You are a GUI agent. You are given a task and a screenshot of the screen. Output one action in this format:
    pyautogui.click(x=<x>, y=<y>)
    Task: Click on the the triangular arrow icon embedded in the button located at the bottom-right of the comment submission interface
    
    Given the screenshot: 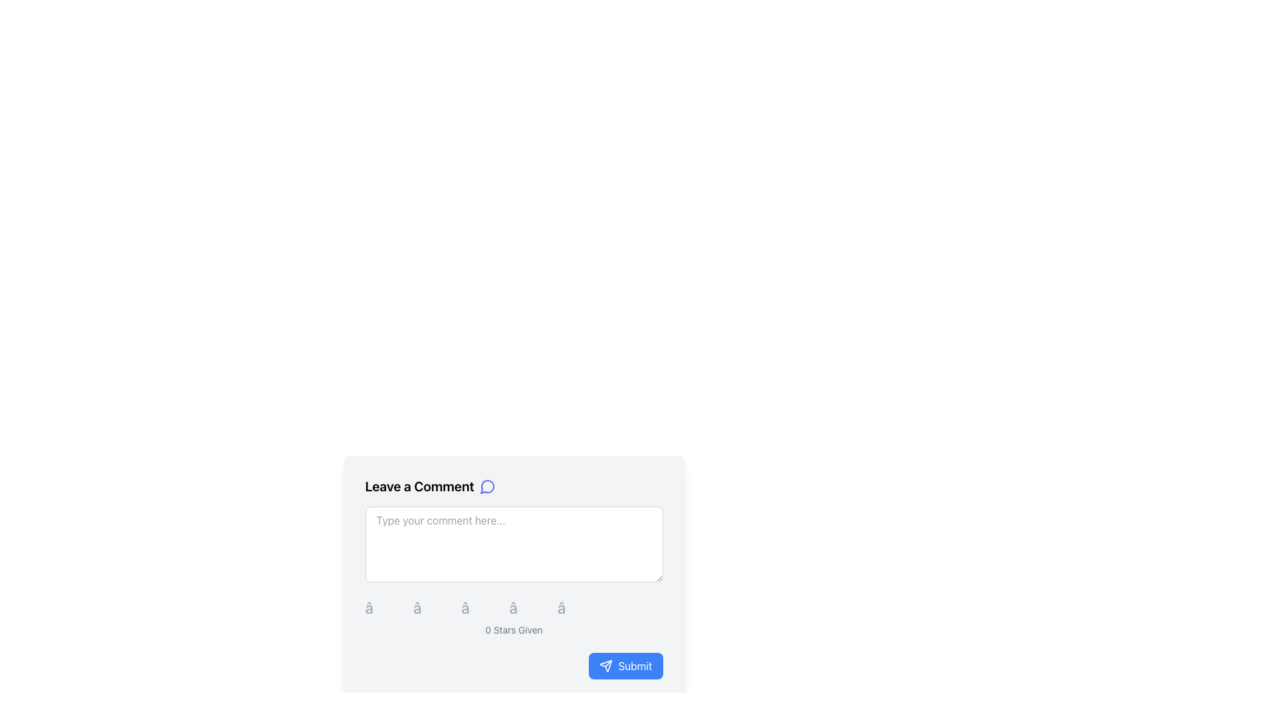 What is the action you would take?
    pyautogui.click(x=605, y=666)
    